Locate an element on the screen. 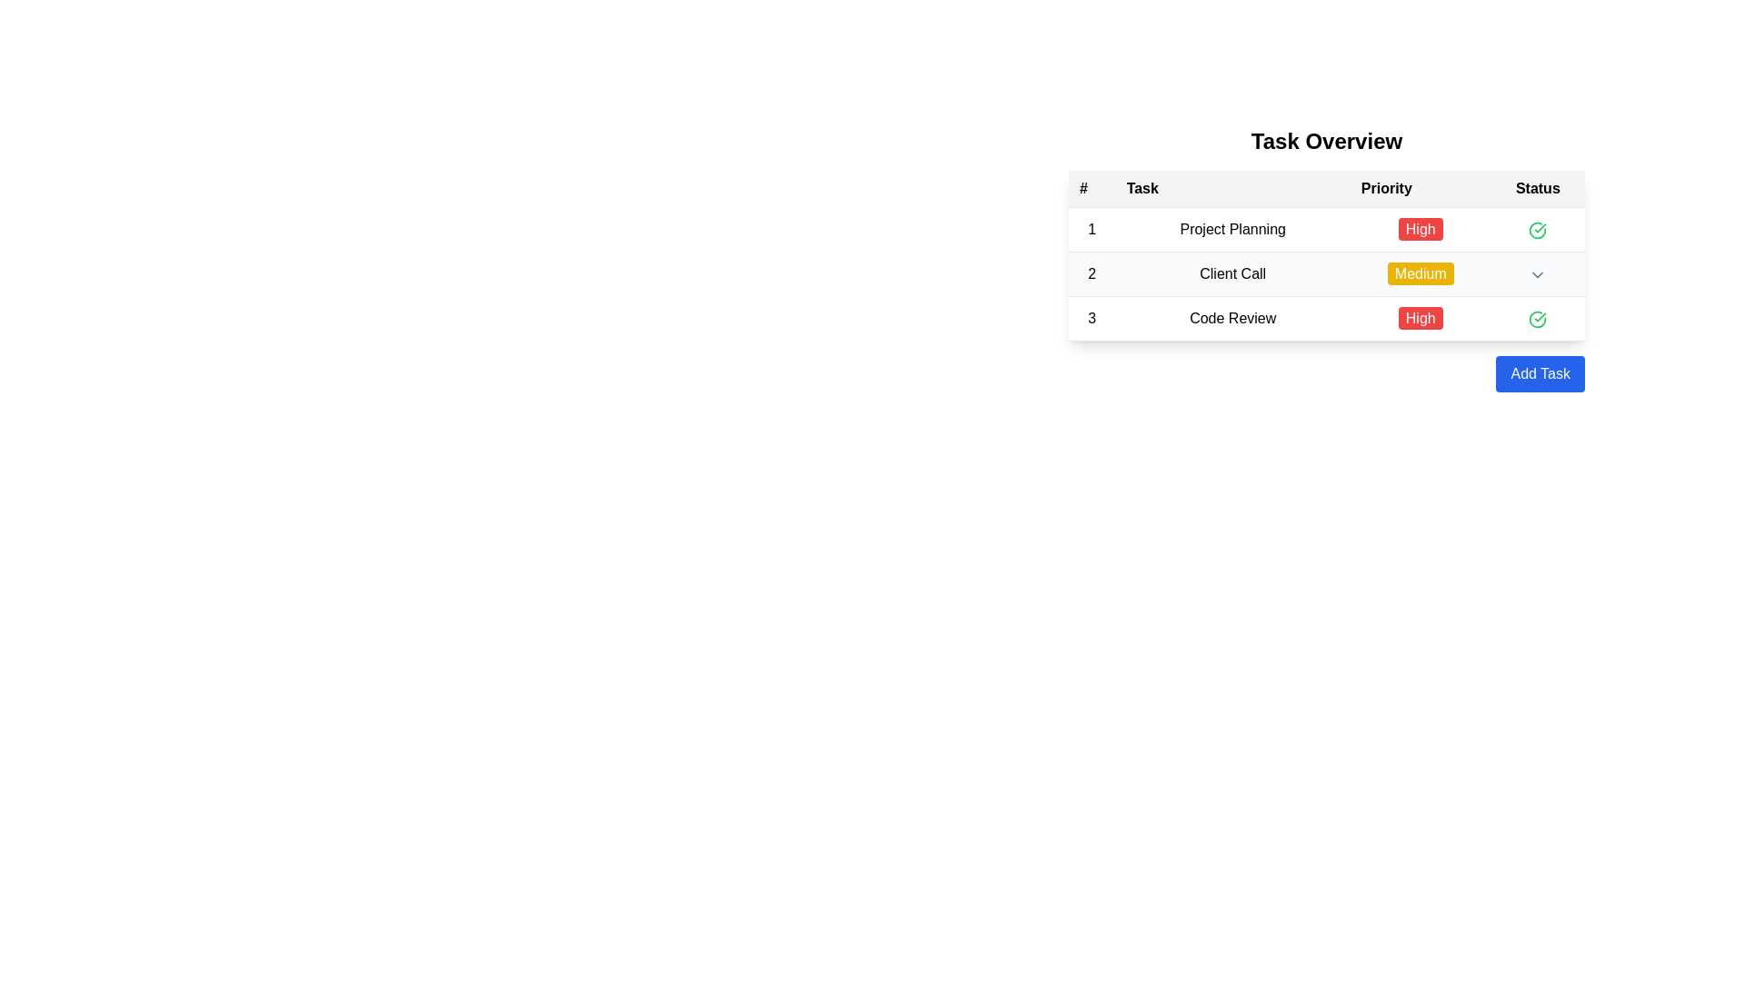  the 'High' priority label in the 'Priority' column of the first row in the 'Task Overview' table to interact with associated actions is located at coordinates (1420, 229).